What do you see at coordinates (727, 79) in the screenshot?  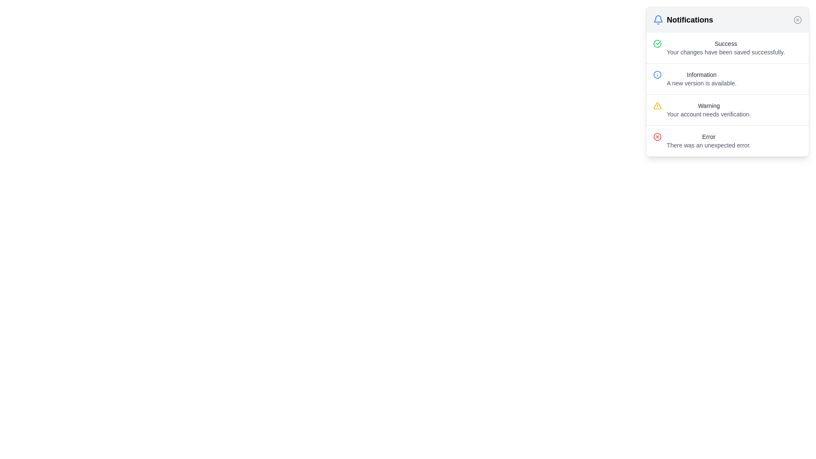 I see `the Notification message that informs the user about the availability of a new version, positioned below the 'Success' notification and above the 'Warning' notification` at bounding box center [727, 79].